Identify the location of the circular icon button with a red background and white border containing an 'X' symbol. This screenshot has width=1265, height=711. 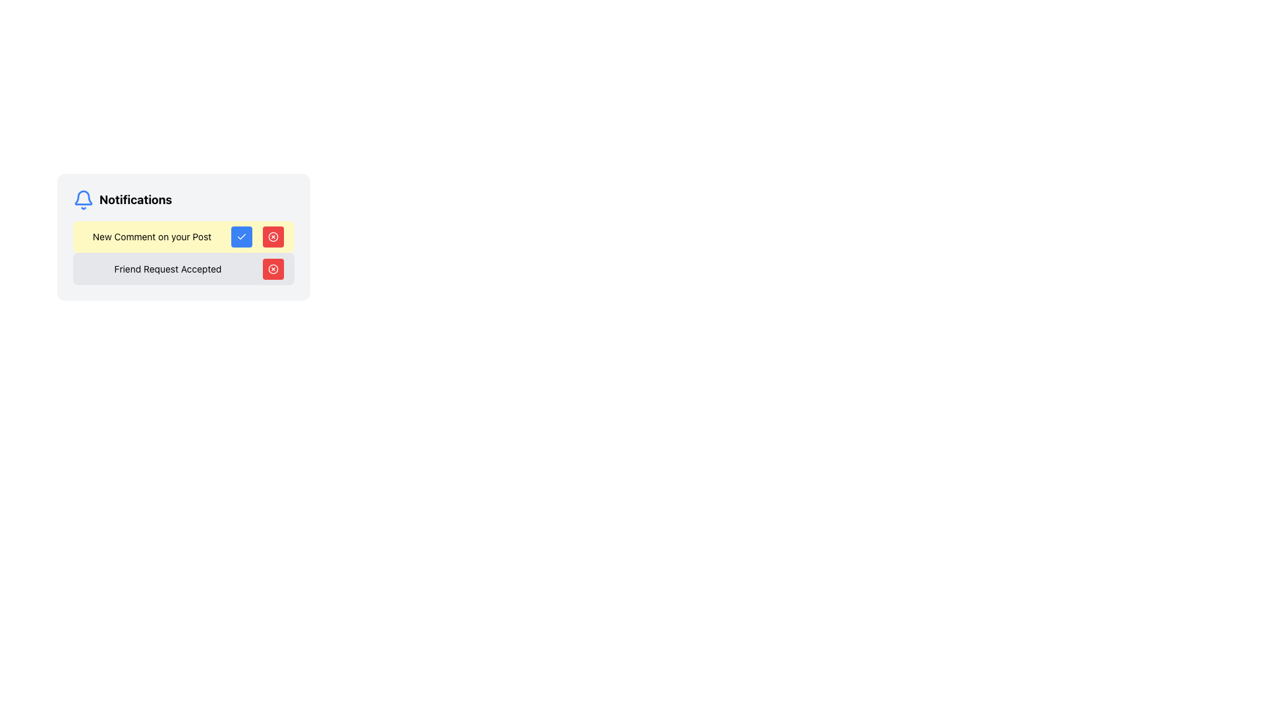
(272, 268).